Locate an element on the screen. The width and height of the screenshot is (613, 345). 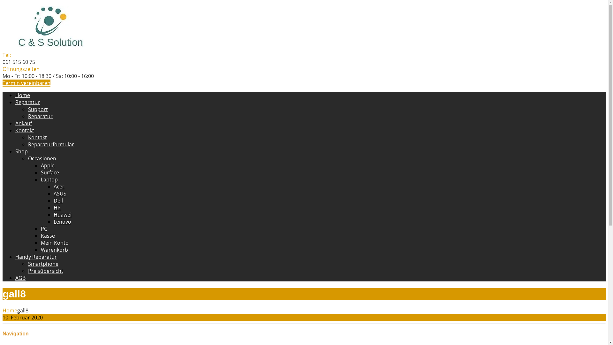
'ASUS' is located at coordinates (54, 193).